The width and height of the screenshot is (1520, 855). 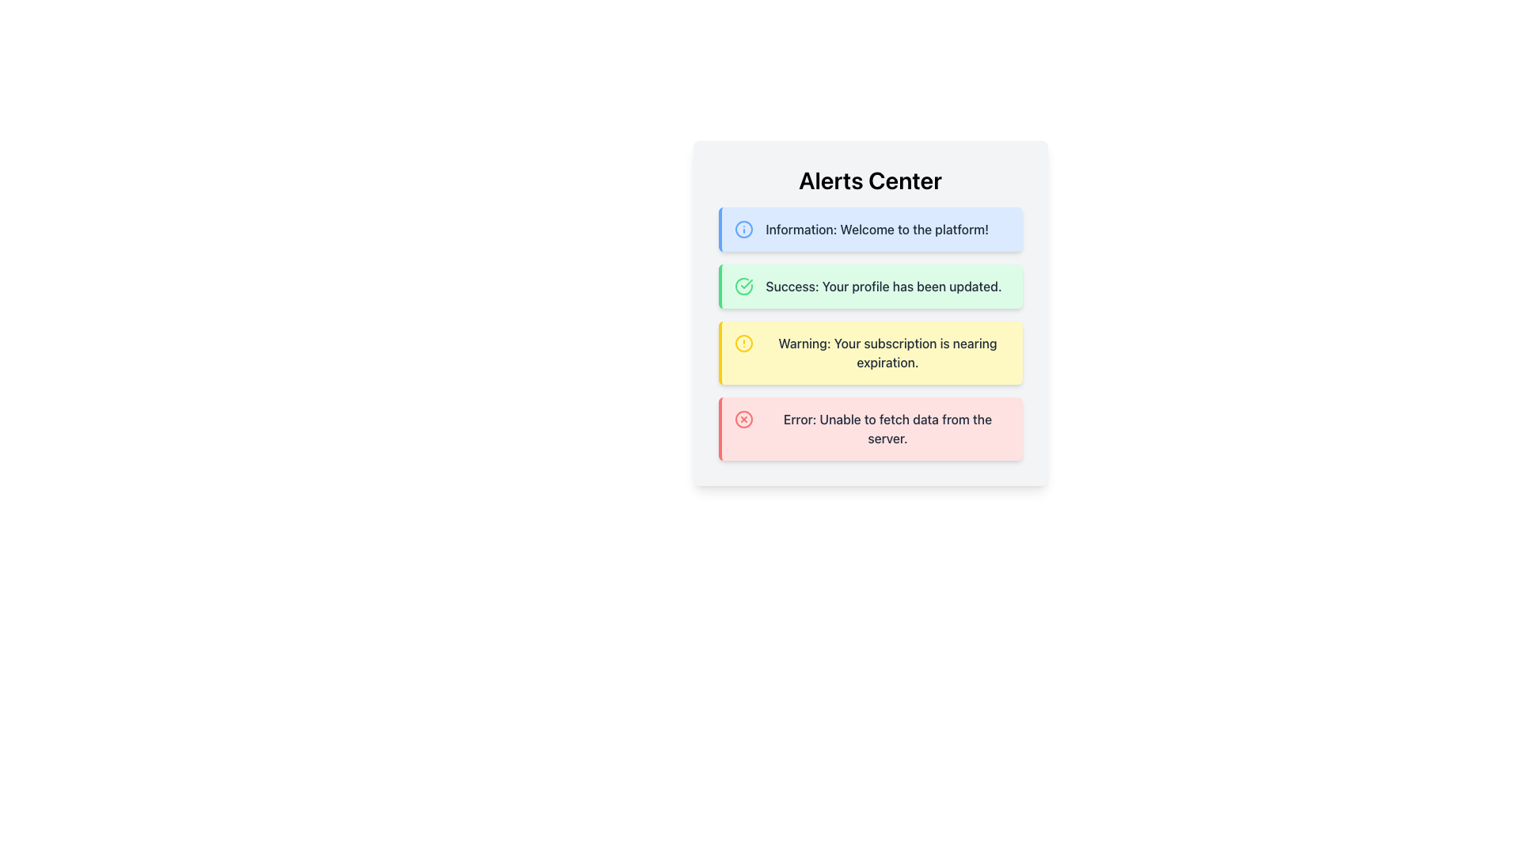 I want to click on the SVG icon with a green circular border enclosing a checkmark, located in the second alert row of the Alerts Center, which corresponds to the green 'Success' alert, so click(x=743, y=287).